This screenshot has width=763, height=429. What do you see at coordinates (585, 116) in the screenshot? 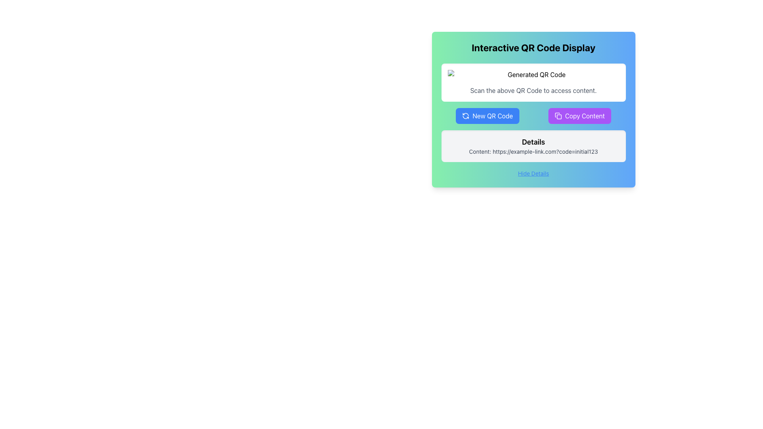
I see `the button that allows users to copy content related to the QR code displayed above on the interface` at bounding box center [585, 116].